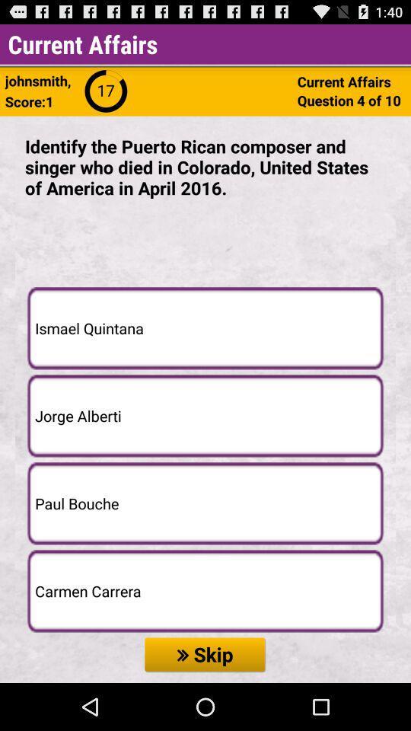 This screenshot has width=411, height=731. What do you see at coordinates (205, 503) in the screenshot?
I see `item below jorge alberti item` at bounding box center [205, 503].